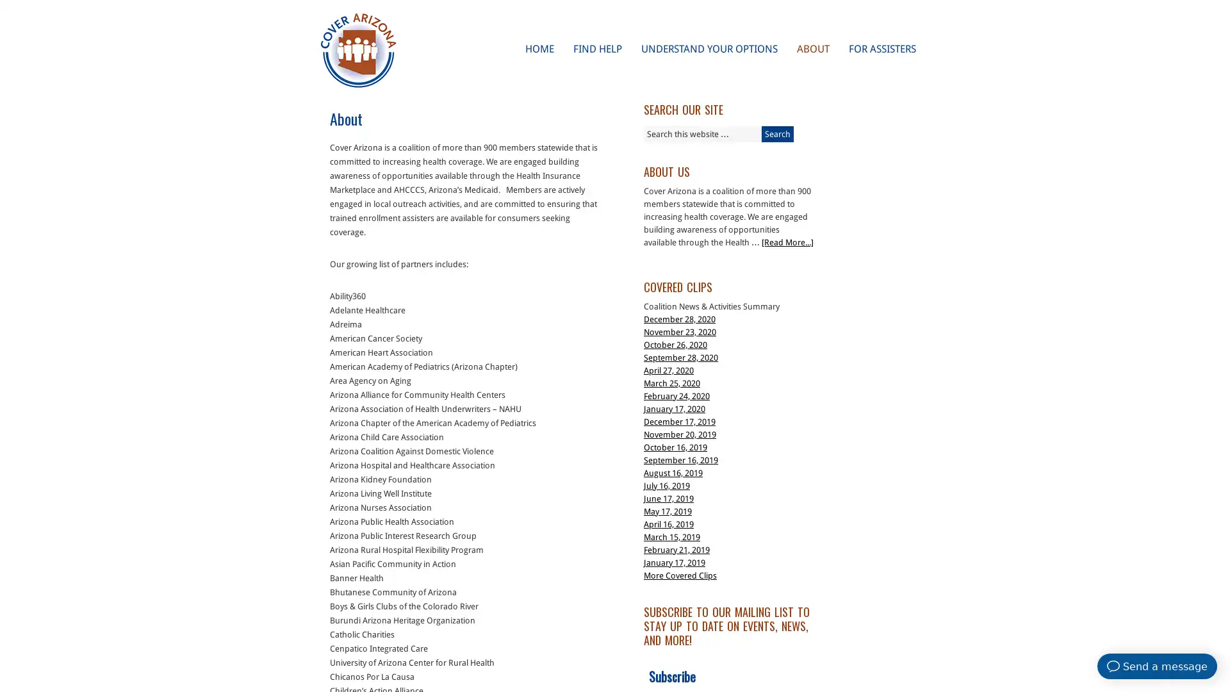 The width and height of the screenshot is (1230, 692). What do you see at coordinates (777, 134) in the screenshot?
I see `Search` at bounding box center [777, 134].